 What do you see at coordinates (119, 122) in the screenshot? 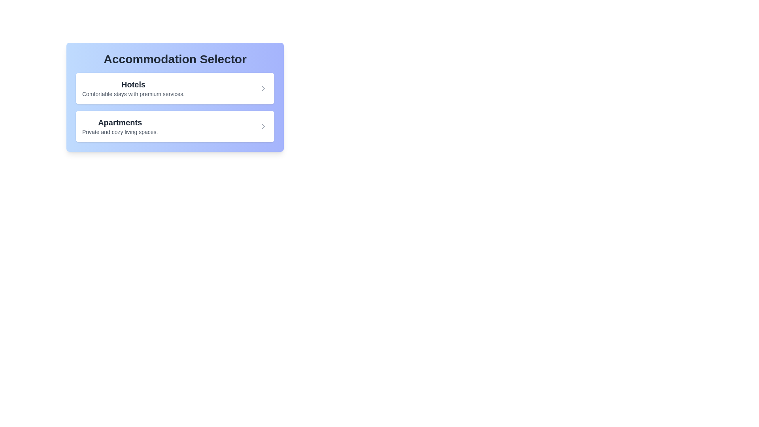
I see `the static text element displaying 'Apartments' which is in bold style and dark gray color, located under the 'Accommodation Selector' heading` at bounding box center [119, 122].